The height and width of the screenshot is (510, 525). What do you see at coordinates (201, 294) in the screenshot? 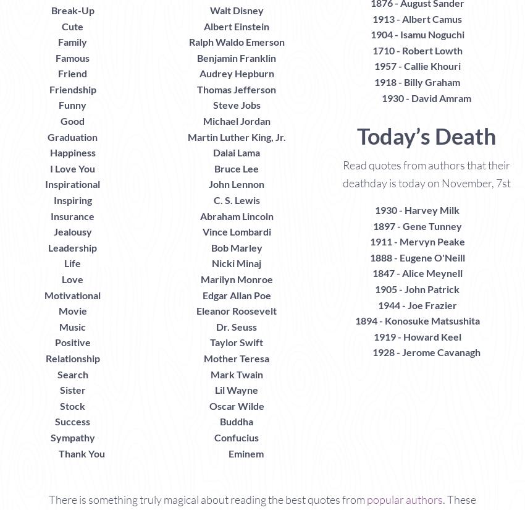
I see `'Edgar Allan Poe'` at bounding box center [201, 294].